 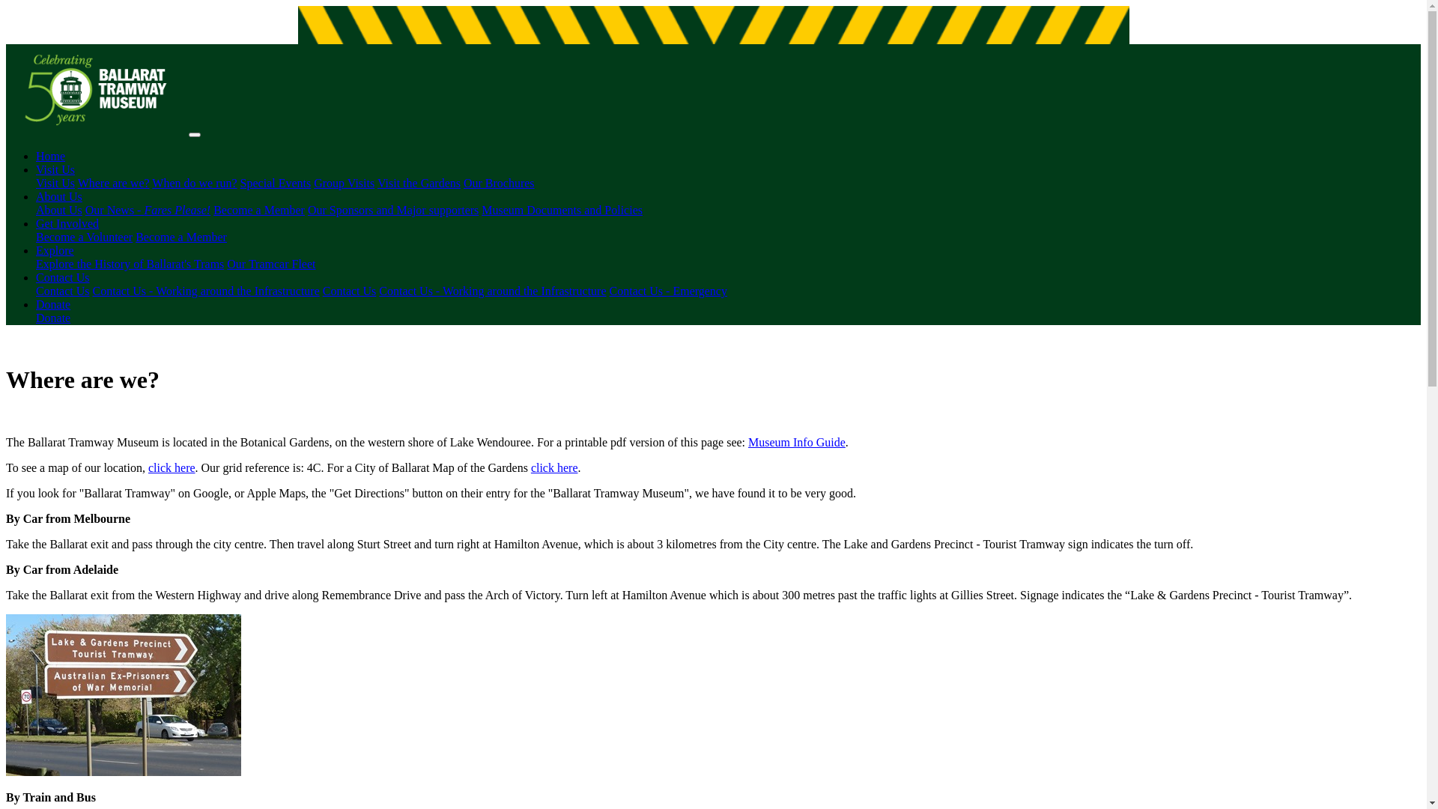 I want to click on 'Where are we?', so click(x=113, y=182).